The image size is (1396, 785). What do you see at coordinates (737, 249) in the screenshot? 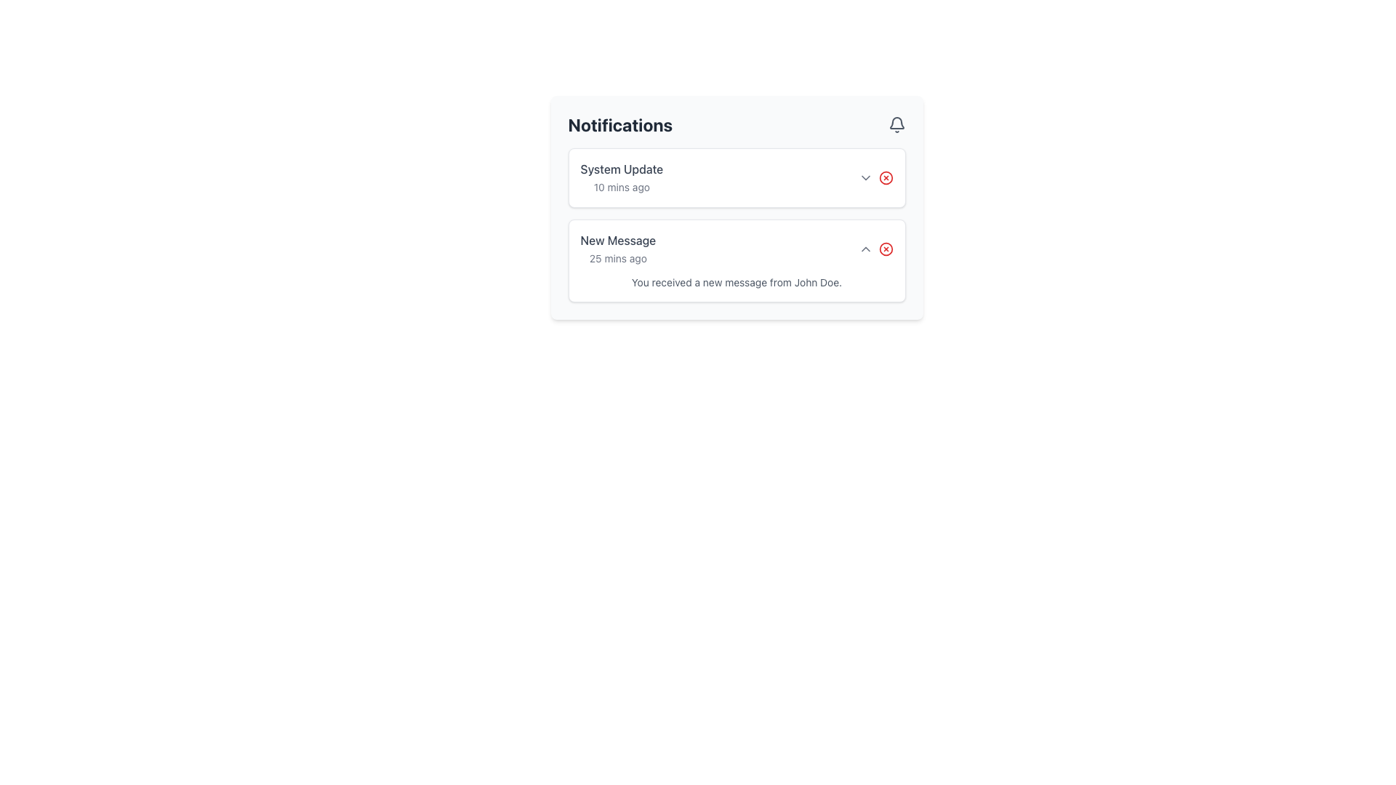
I see `the second notification card in the notification list` at bounding box center [737, 249].